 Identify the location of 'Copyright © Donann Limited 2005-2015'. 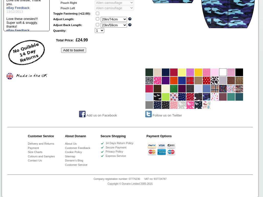
(107, 184).